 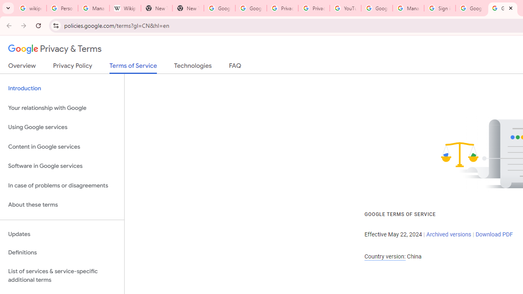 I want to click on 'FAQ', so click(x=235, y=67).